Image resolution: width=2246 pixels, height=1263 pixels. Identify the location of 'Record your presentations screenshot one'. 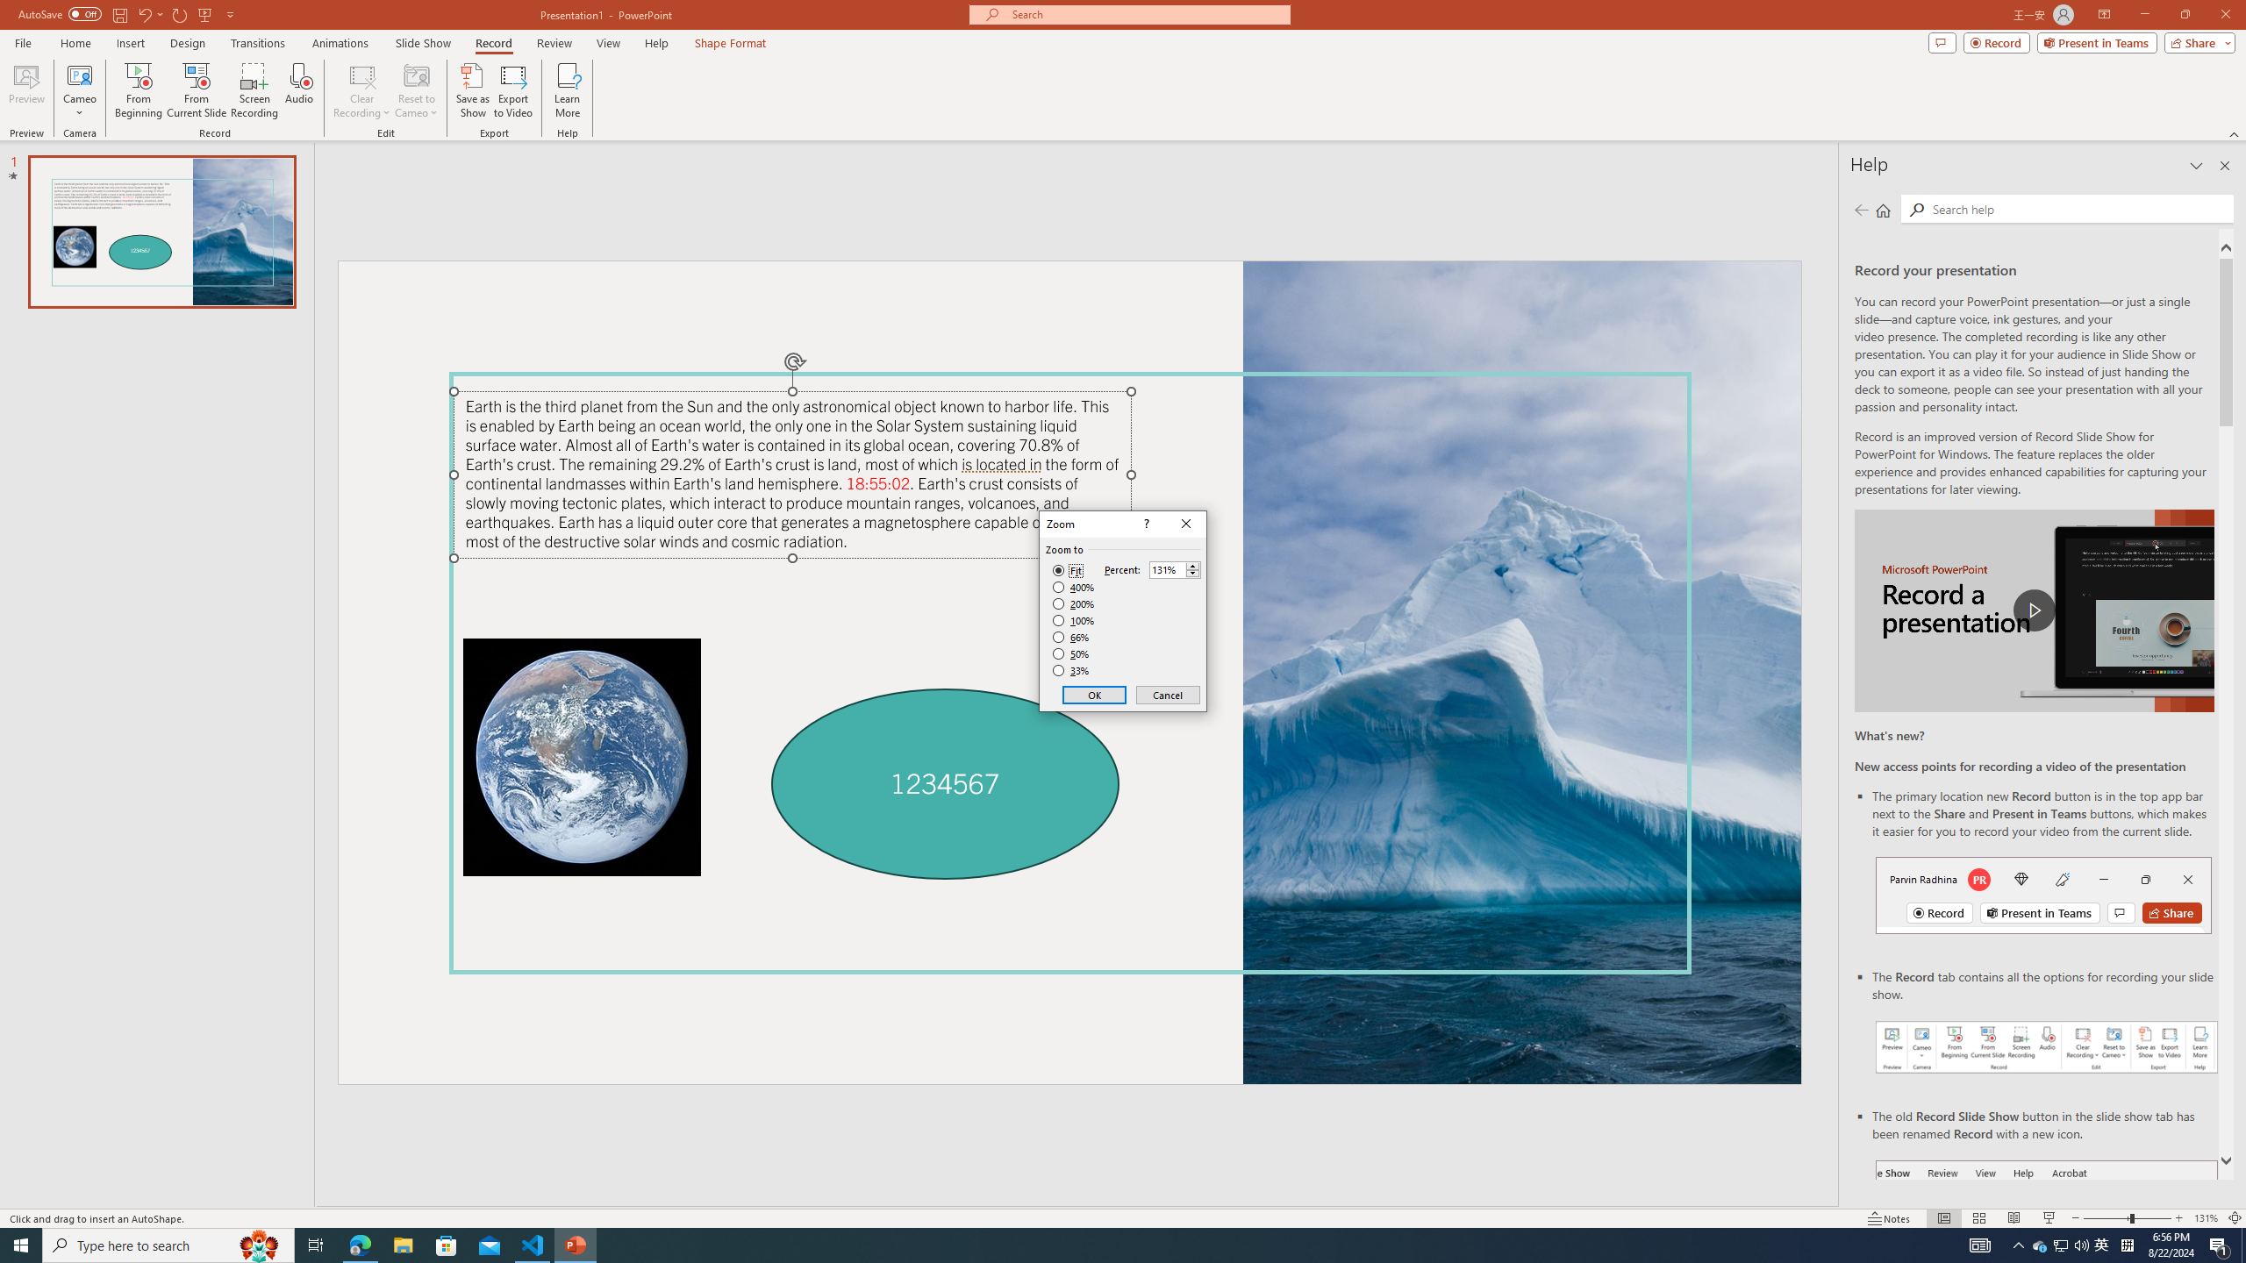
(2046, 1045).